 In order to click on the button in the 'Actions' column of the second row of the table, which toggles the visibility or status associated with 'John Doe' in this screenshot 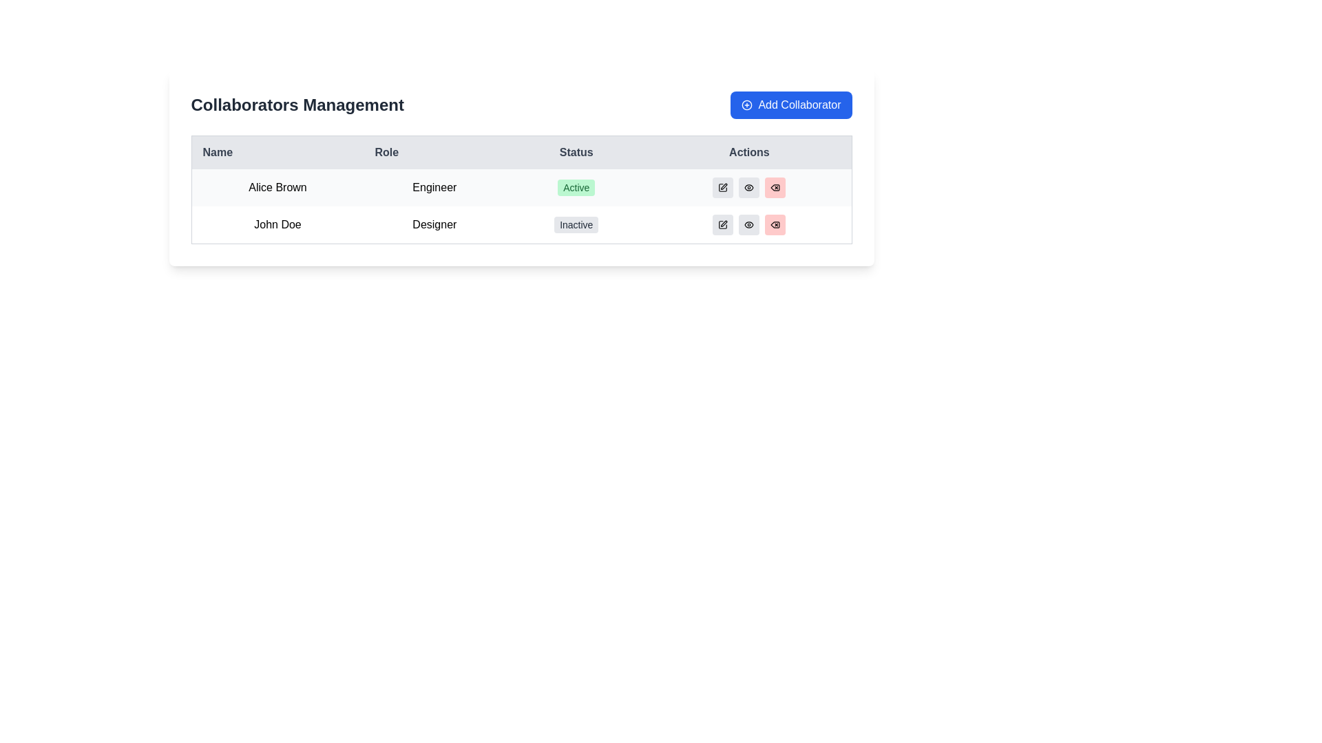, I will do `click(748, 224)`.